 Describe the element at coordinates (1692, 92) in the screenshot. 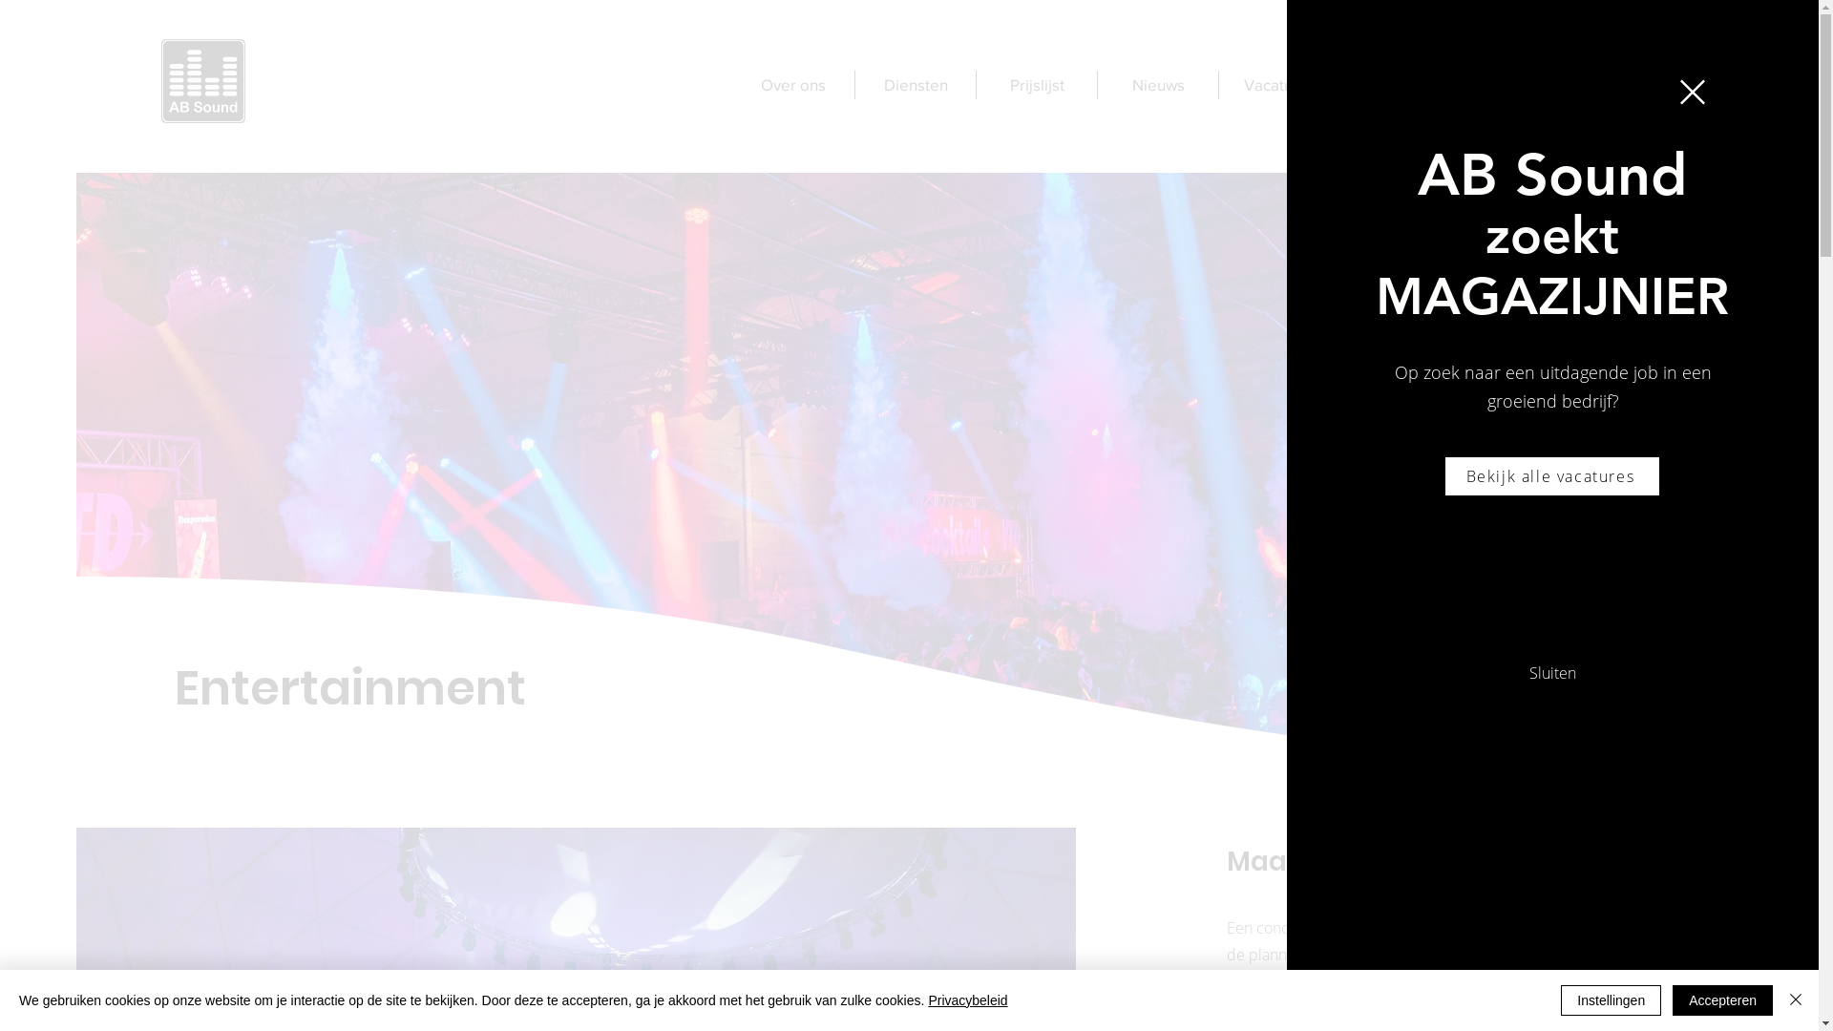

I see `'Terug naar de website'` at that location.